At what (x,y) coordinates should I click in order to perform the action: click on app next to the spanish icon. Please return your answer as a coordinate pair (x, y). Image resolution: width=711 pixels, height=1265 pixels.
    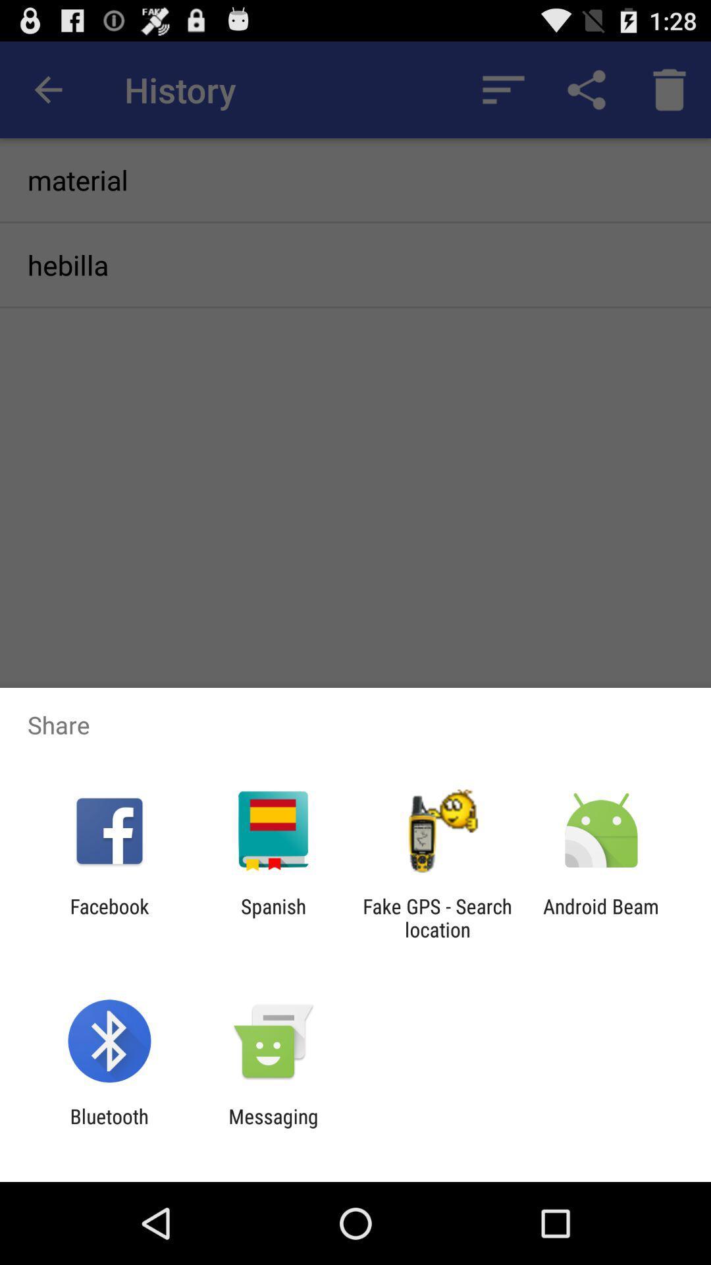
    Looking at the image, I should click on (437, 917).